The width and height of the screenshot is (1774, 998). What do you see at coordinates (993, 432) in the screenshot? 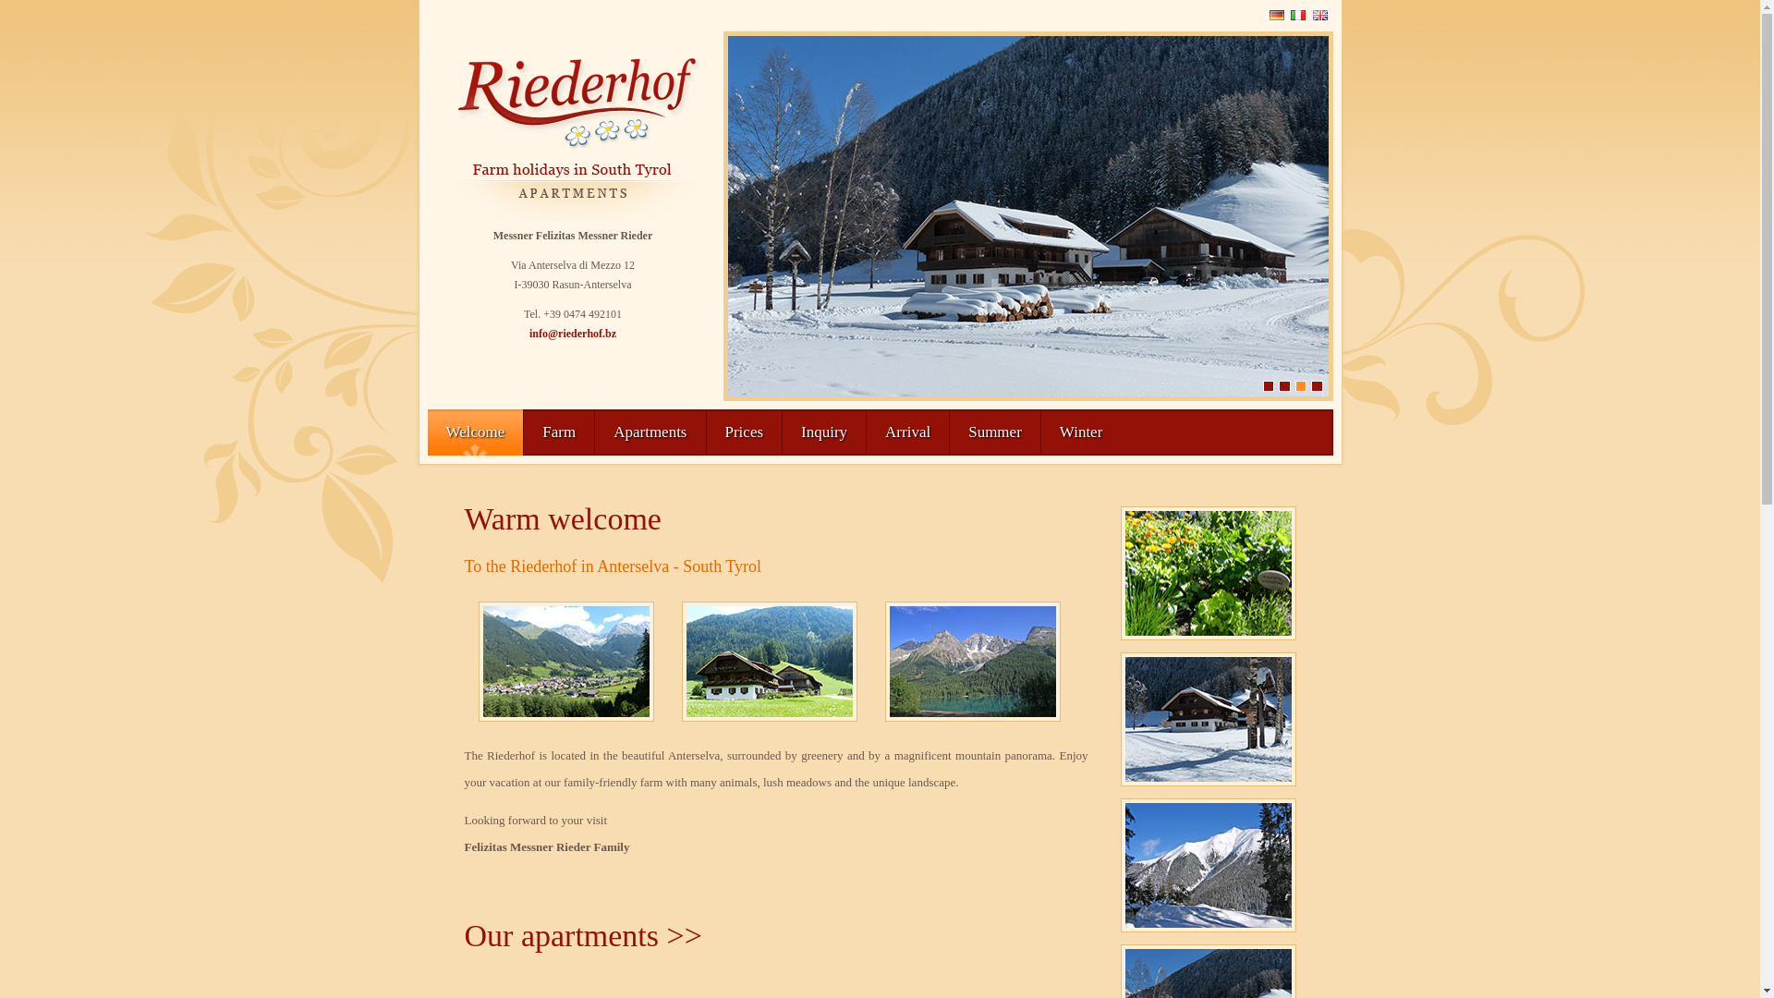
I see `'Summer'` at bounding box center [993, 432].